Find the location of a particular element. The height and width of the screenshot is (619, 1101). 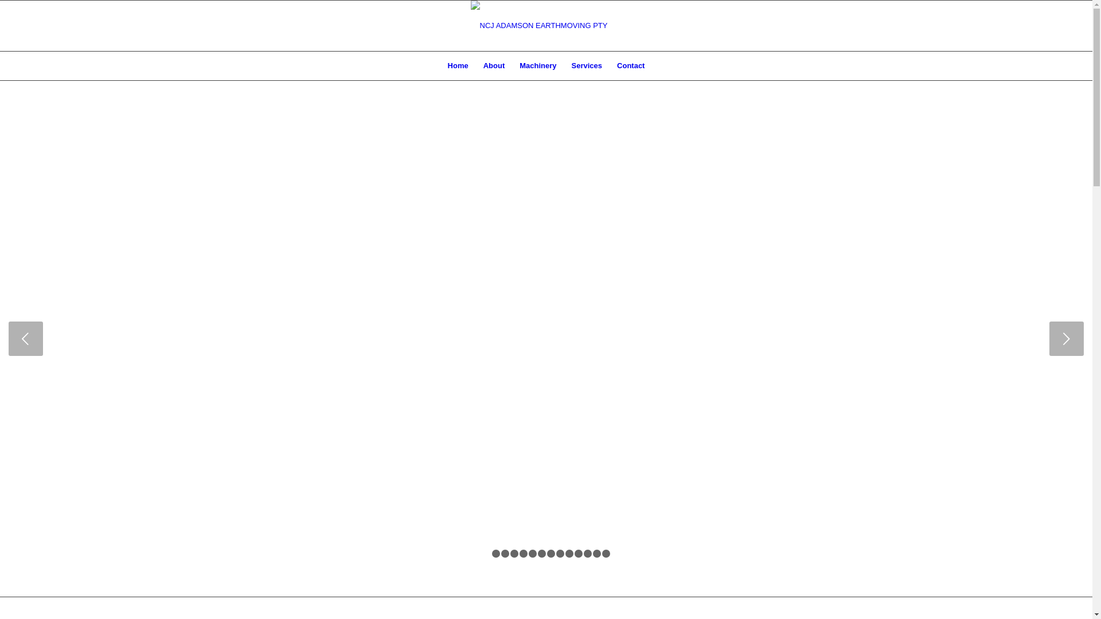

'2' is located at coordinates (495, 553).